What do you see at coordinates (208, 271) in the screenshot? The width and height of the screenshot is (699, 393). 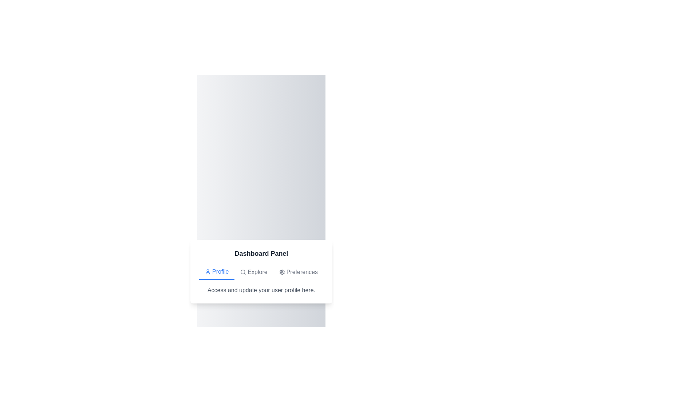 I see `the blue user profile icon located to the left of the 'Profile' text within a tab component in the navigation section` at bounding box center [208, 271].